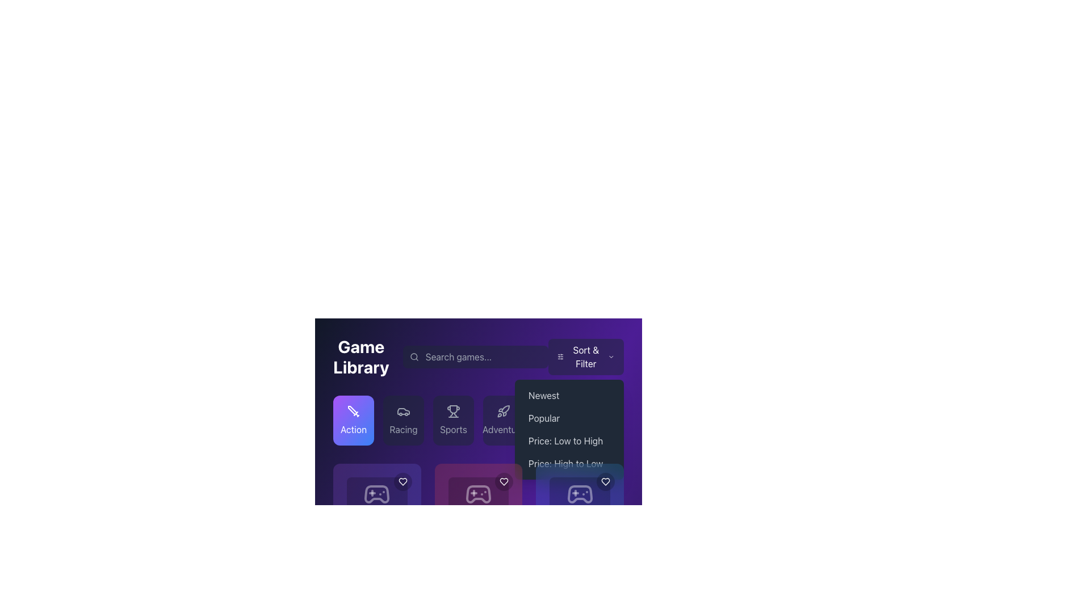  What do you see at coordinates (504, 481) in the screenshot?
I see `the favorite button located at the top-right corner of the game card for 'Shadow Realm' to enable accessibility navigation` at bounding box center [504, 481].